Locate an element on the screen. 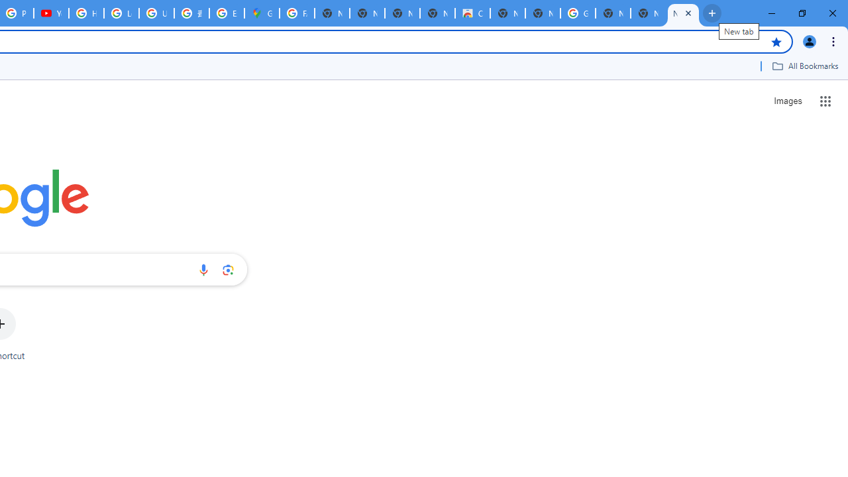  'You' is located at coordinates (808, 40).